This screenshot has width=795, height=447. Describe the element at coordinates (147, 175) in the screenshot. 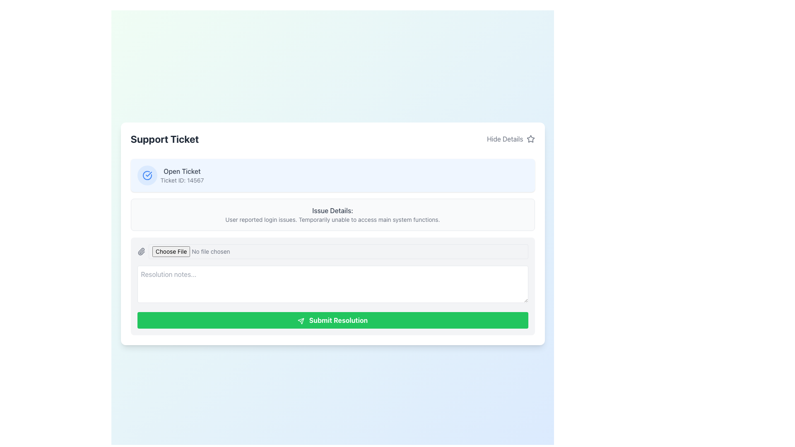

I see `the decorative icon, which is a circular icon with a blue outline and a checkmark inside, located to the left of the 'Open Ticket' label in the 'Support Ticket' card` at that location.